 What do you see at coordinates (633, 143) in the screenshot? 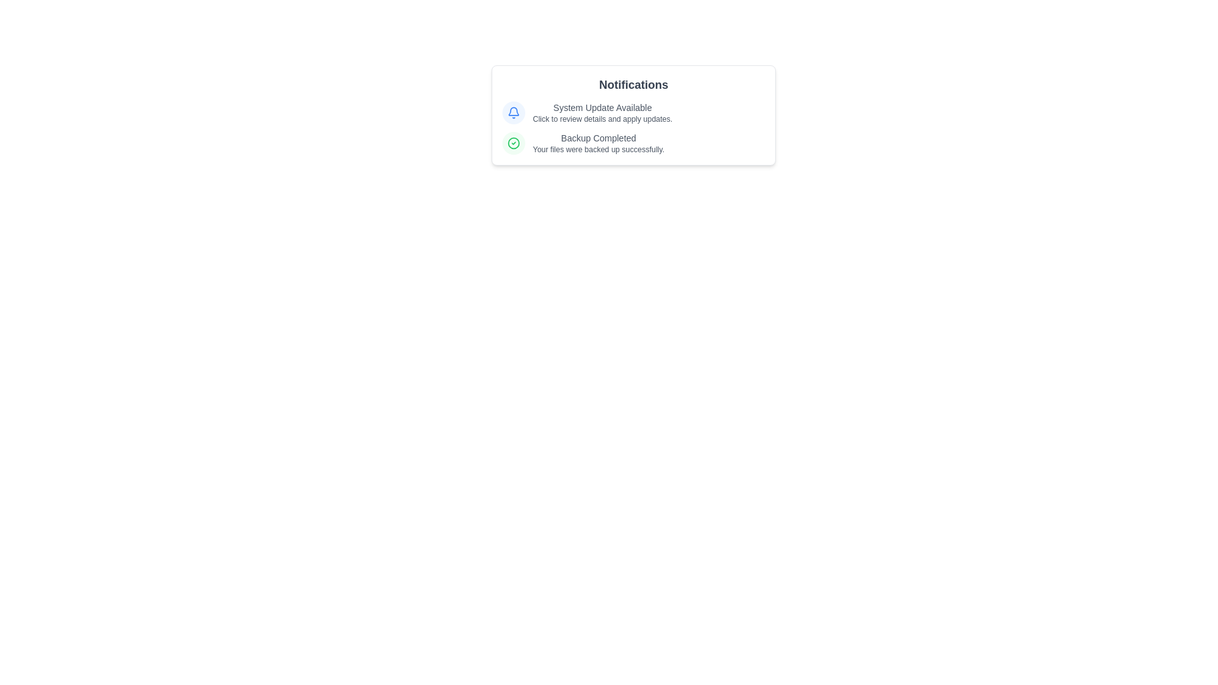
I see `the notification message indicating successful completion of a file backup process, which is the second message in the notification panel below 'System Update Available'` at bounding box center [633, 143].